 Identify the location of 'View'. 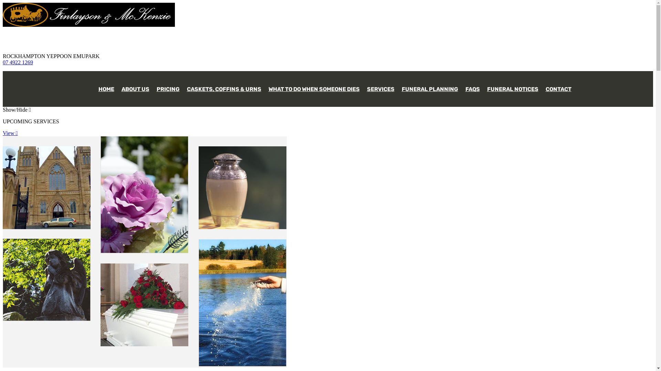
(3, 133).